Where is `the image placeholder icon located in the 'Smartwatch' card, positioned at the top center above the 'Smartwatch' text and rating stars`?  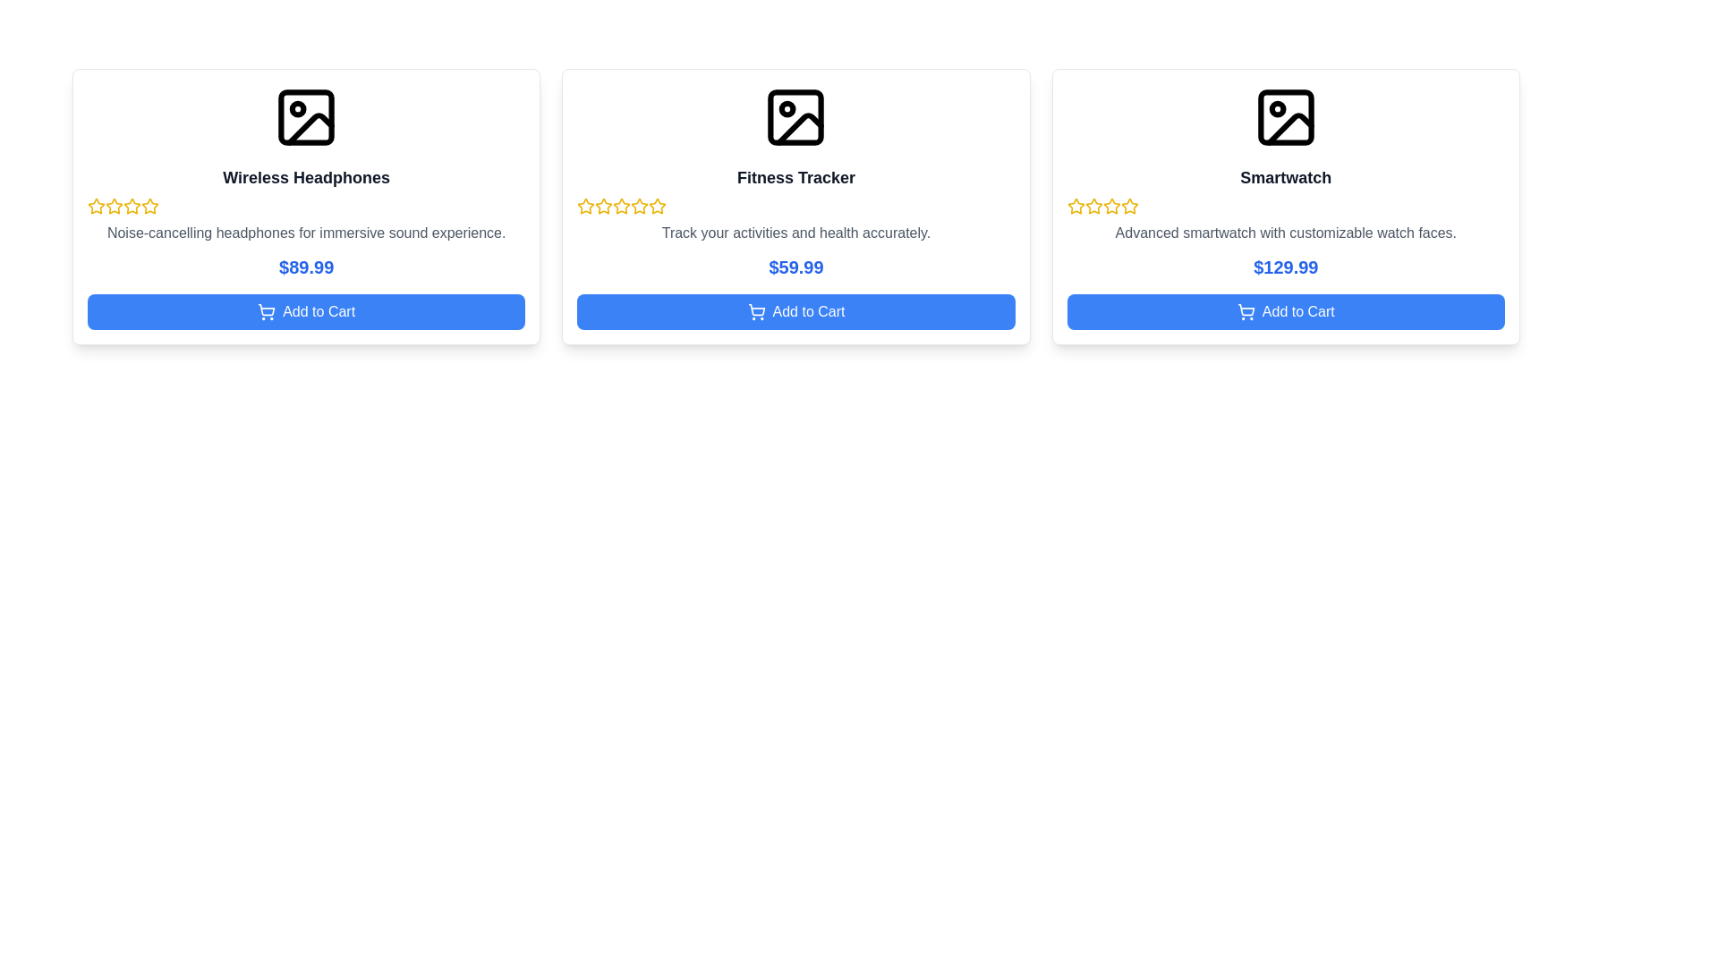 the image placeholder icon located in the 'Smartwatch' card, positioned at the top center above the 'Smartwatch' text and rating stars is located at coordinates (1285, 117).